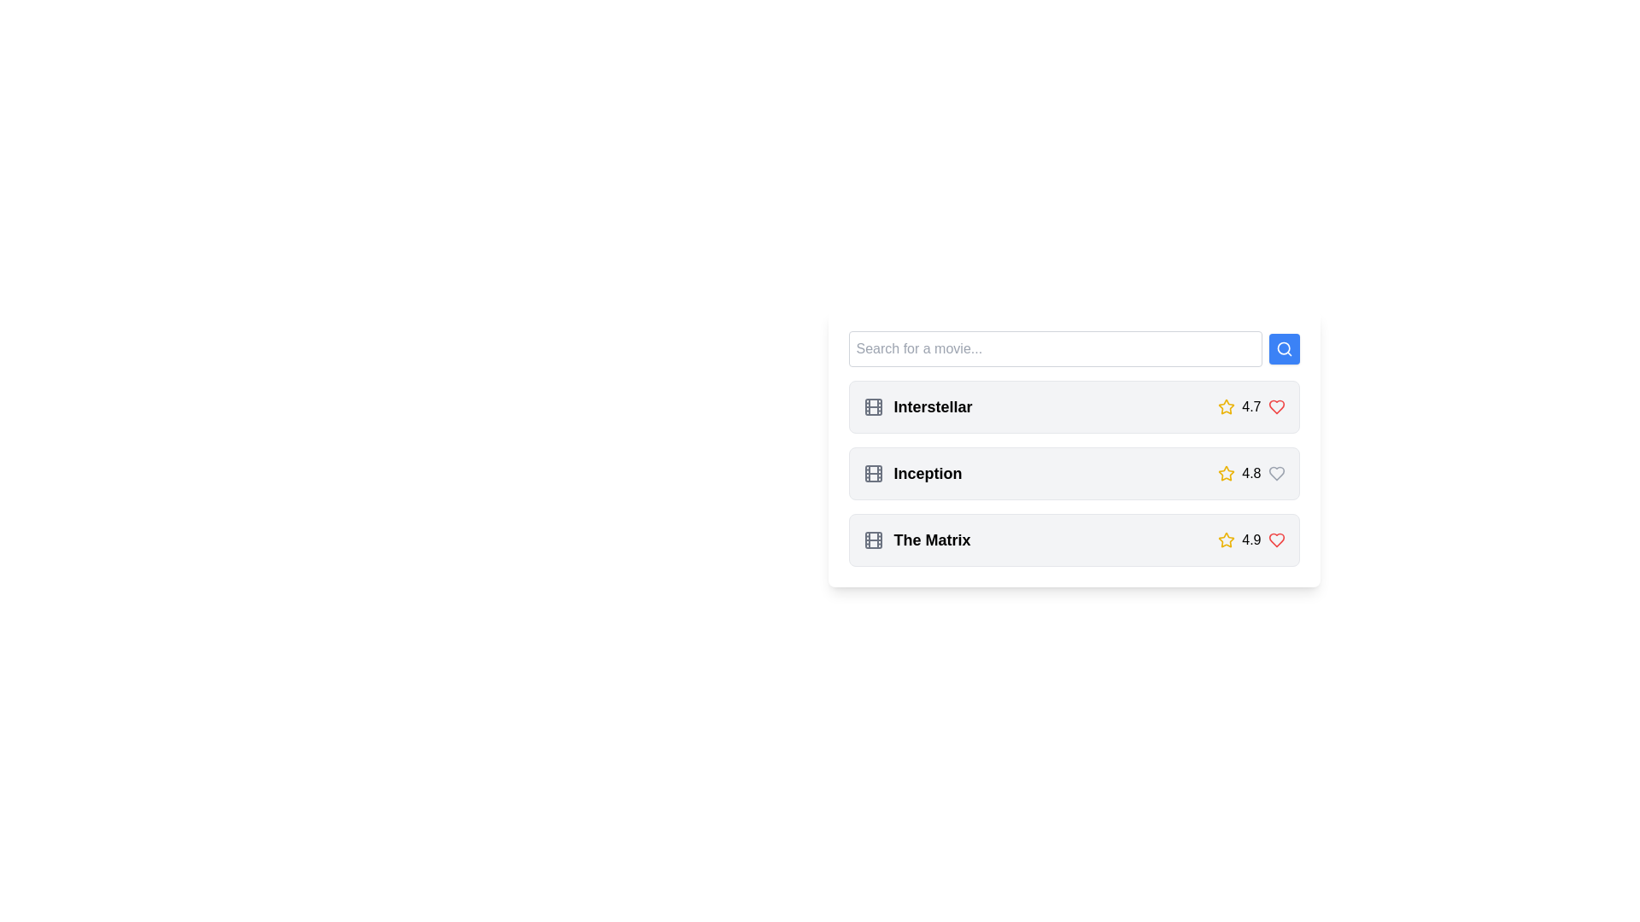  Describe the element at coordinates (917, 407) in the screenshot. I see `the 'Interstellar' movie label, which is the first entry in the vertical list of movies, featuring a bold font and a gray film reel icon to its left` at that location.